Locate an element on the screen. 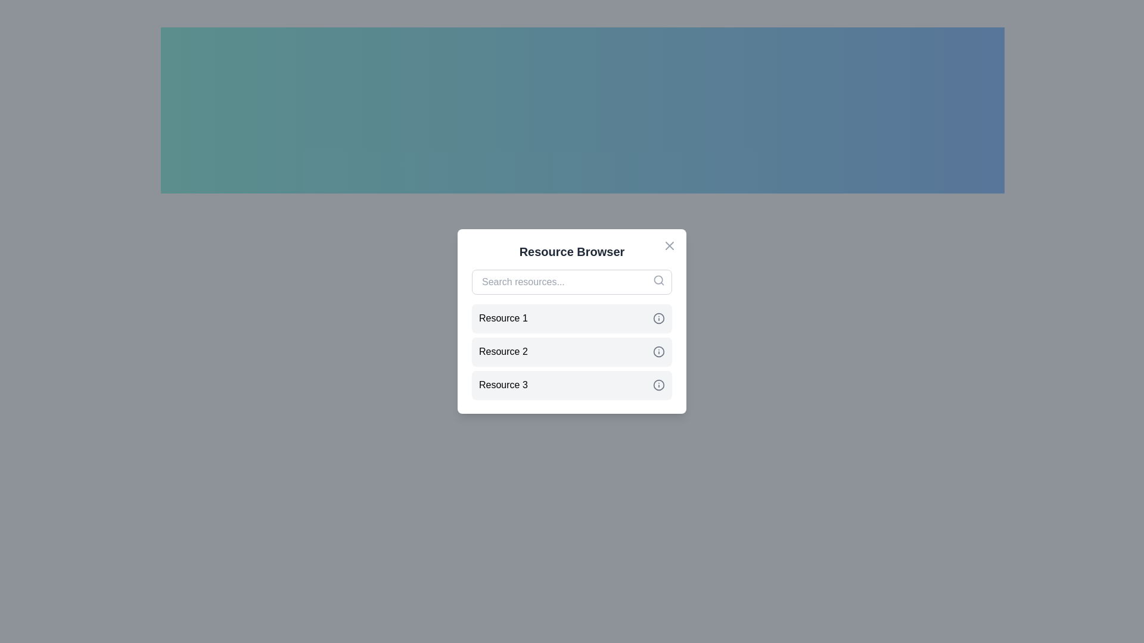 This screenshot has width=1144, height=643. the button-like list item labeled 'Resource 1' which is the first item in a vertical list within a modal window, styled with rounded corners and a light gray background is located at coordinates (572, 318).